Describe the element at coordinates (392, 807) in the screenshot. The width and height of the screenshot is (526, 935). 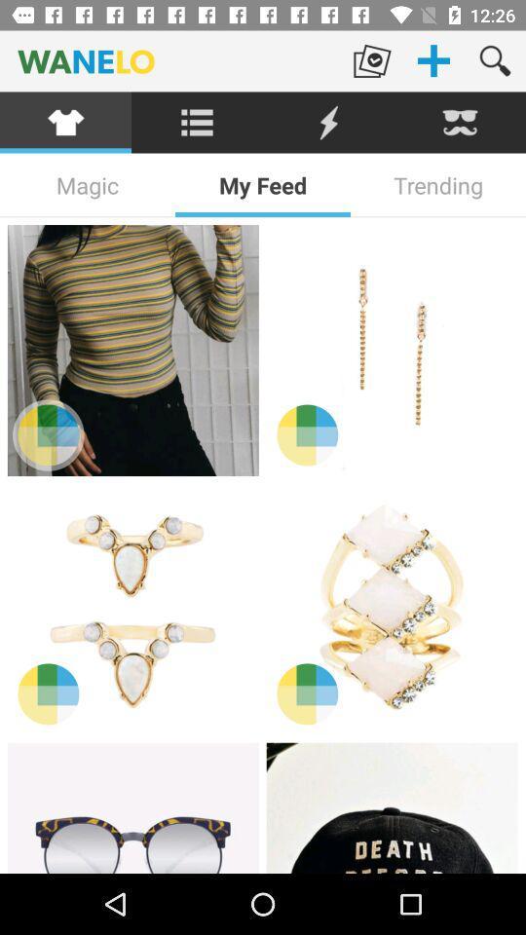
I see `hat option` at that location.